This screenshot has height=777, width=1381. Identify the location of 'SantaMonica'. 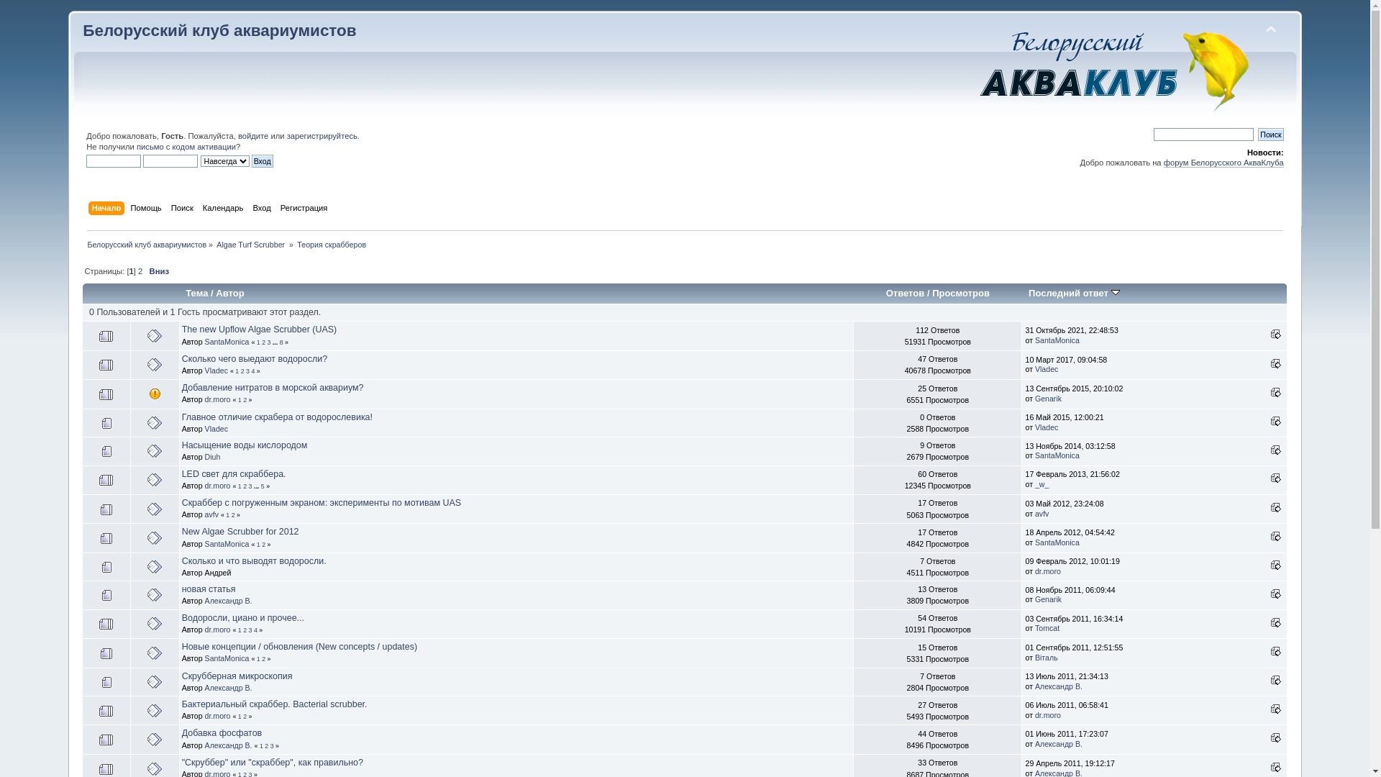
(204, 544).